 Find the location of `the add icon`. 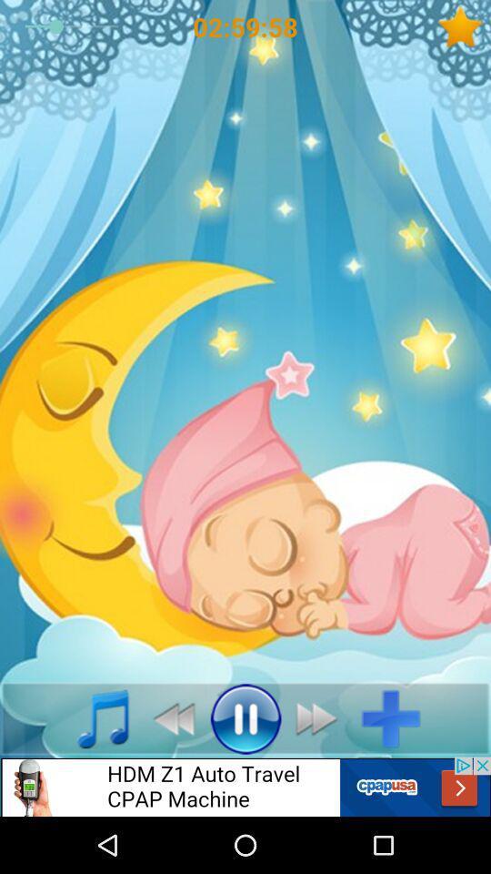

the add icon is located at coordinates (396, 718).